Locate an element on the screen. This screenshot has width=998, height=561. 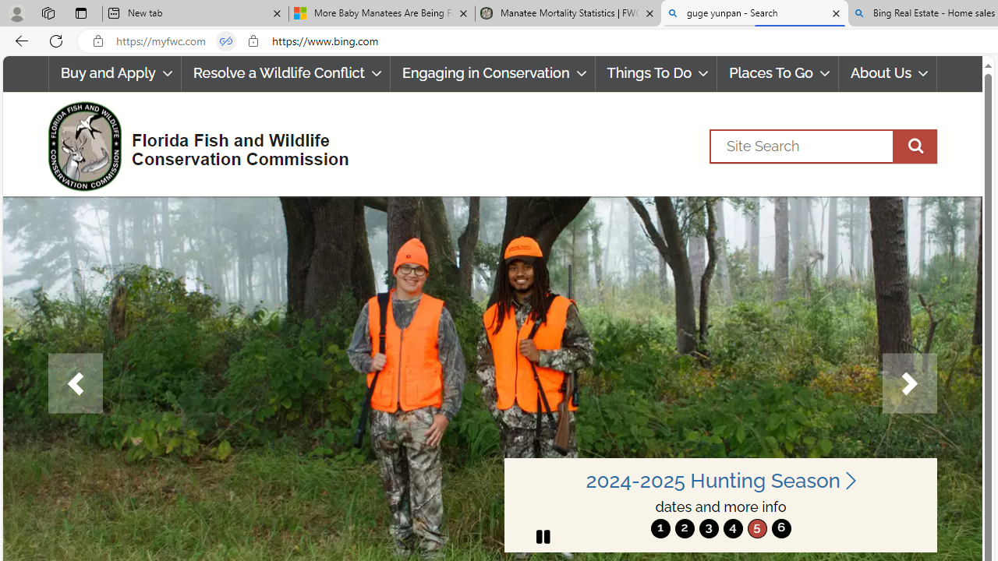
'4' is located at coordinates (732, 527).